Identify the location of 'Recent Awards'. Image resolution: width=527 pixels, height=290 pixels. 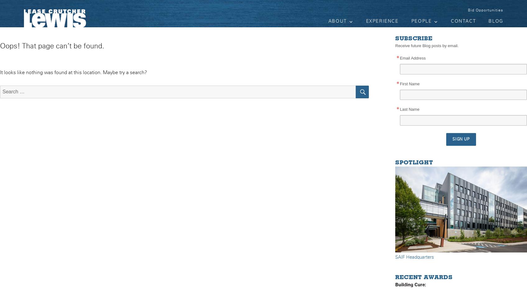
(423, 277).